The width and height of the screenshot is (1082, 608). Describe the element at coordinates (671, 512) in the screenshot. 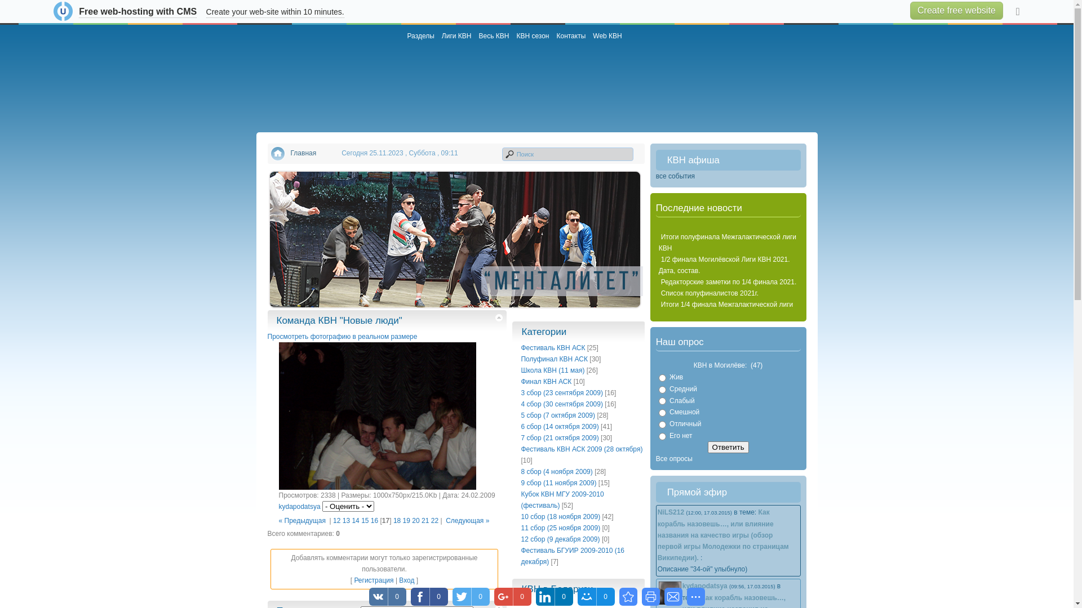

I see `'NiLS212'` at that location.